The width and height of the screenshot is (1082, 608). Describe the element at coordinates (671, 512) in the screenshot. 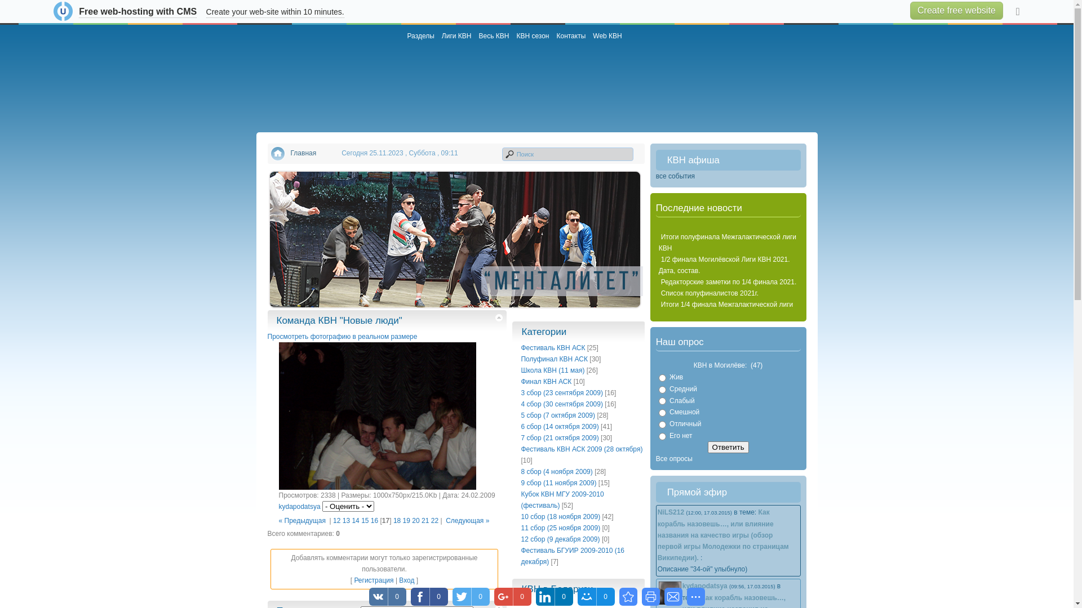

I see `'NiLS212'` at that location.